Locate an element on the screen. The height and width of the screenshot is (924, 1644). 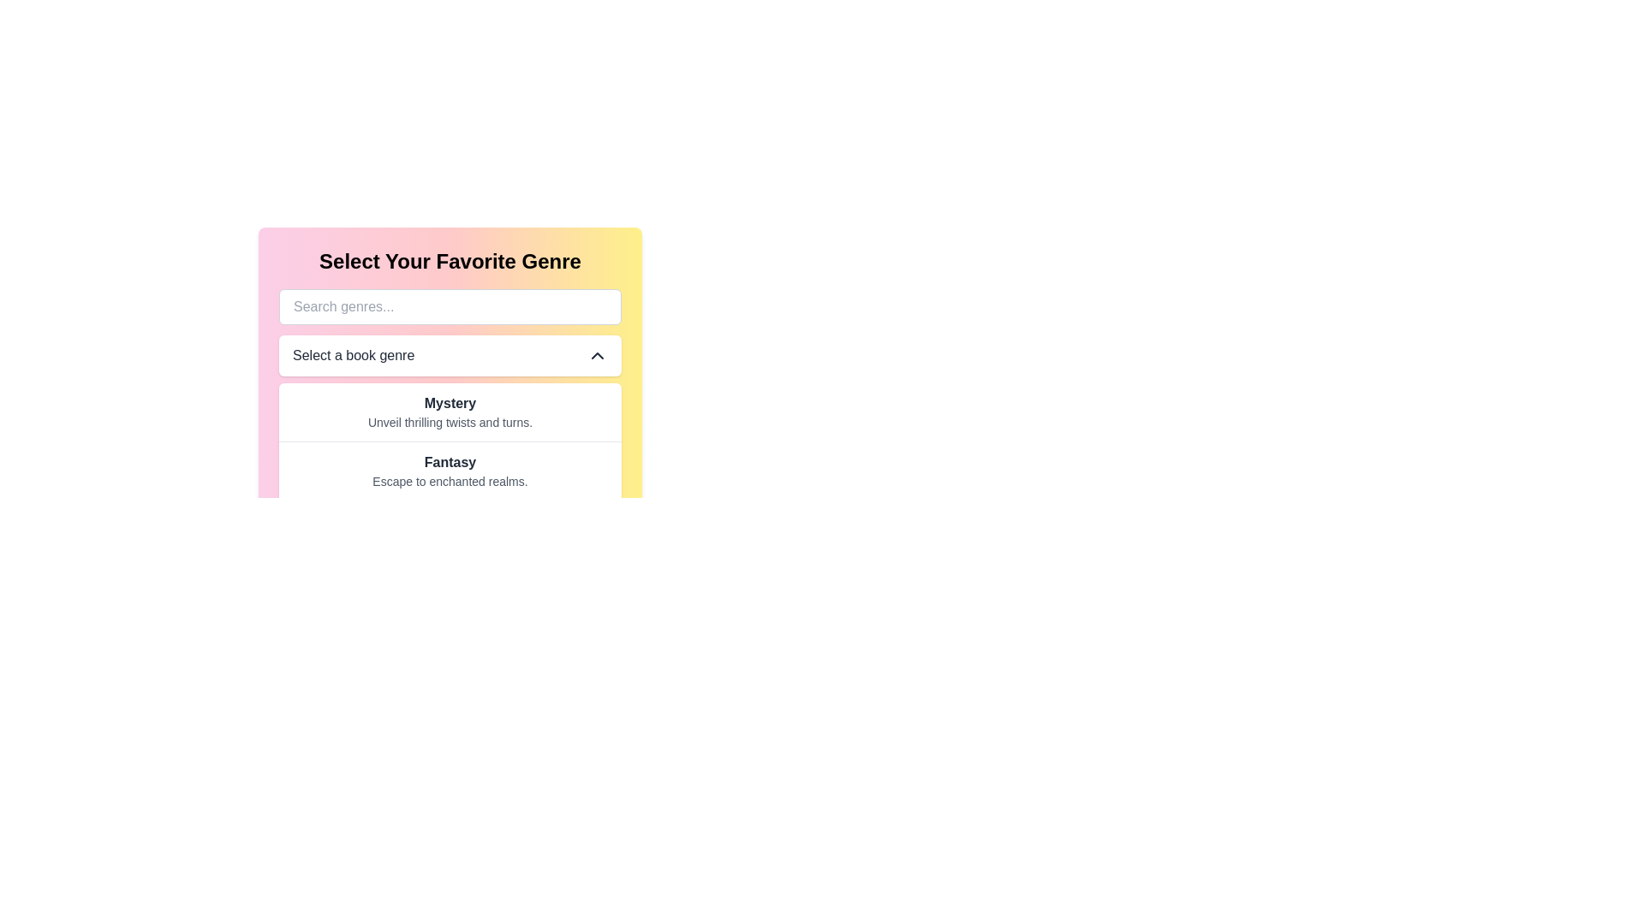
the second clickable item in the genre selection menu, which filters content related to the Fantasy genre is located at coordinates (450, 471).